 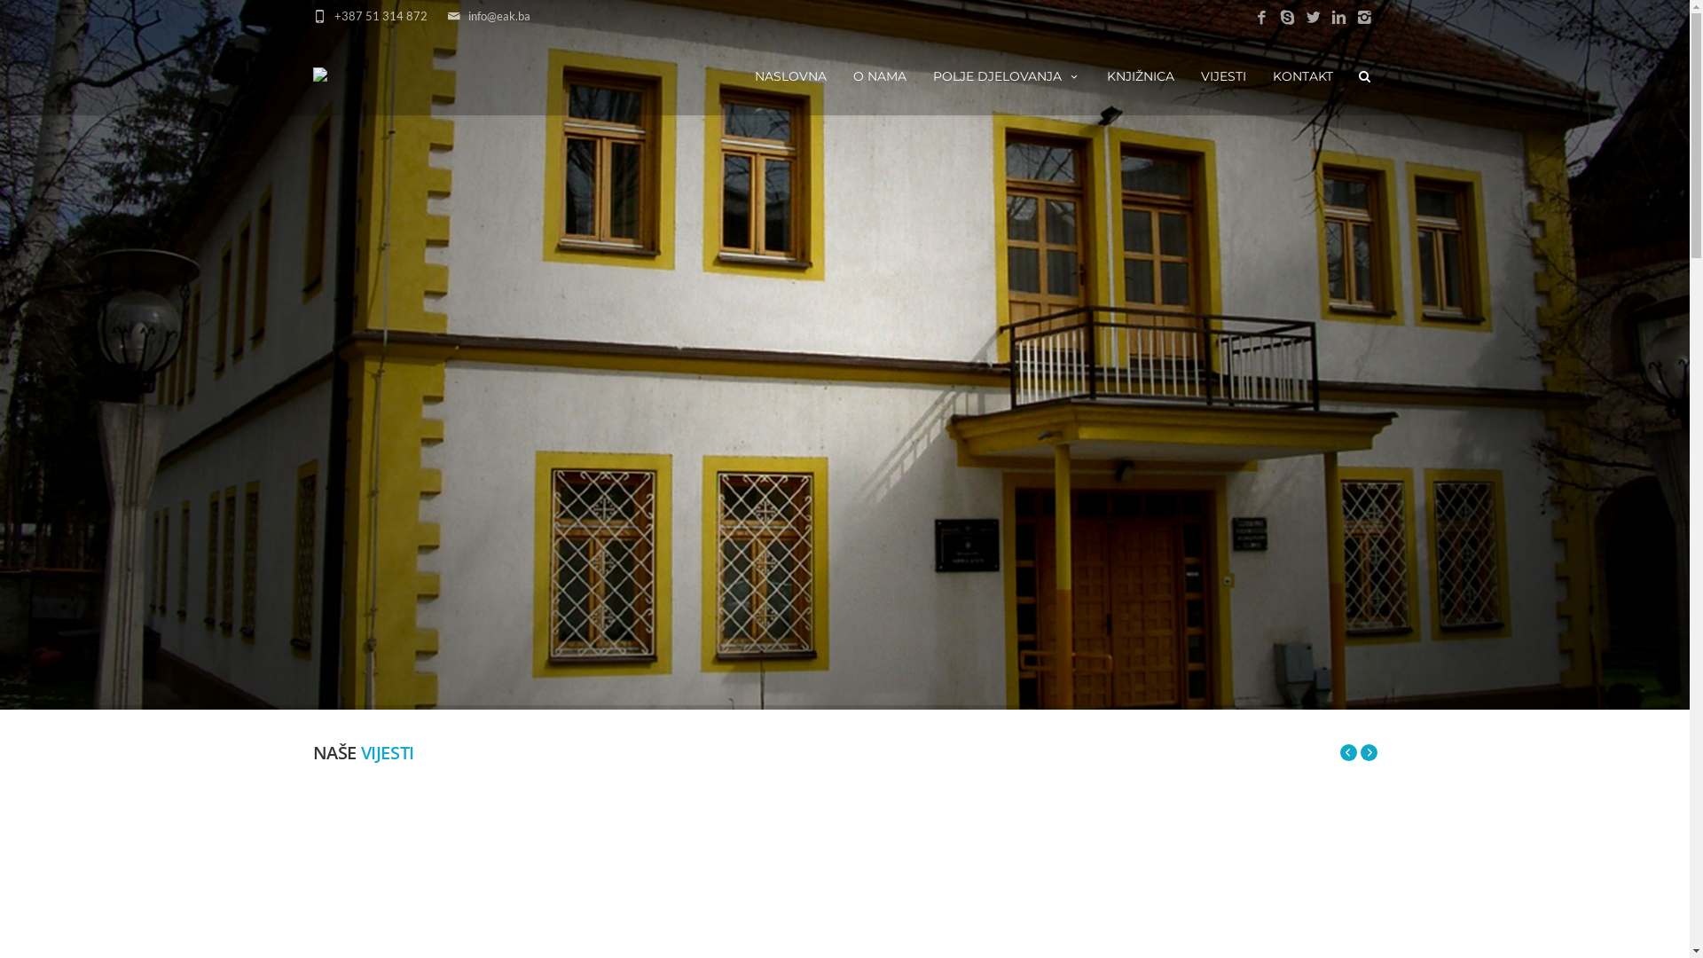 What do you see at coordinates (1302, 925) in the screenshot?
I see `'LinkedIn'` at bounding box center [1302, 925].